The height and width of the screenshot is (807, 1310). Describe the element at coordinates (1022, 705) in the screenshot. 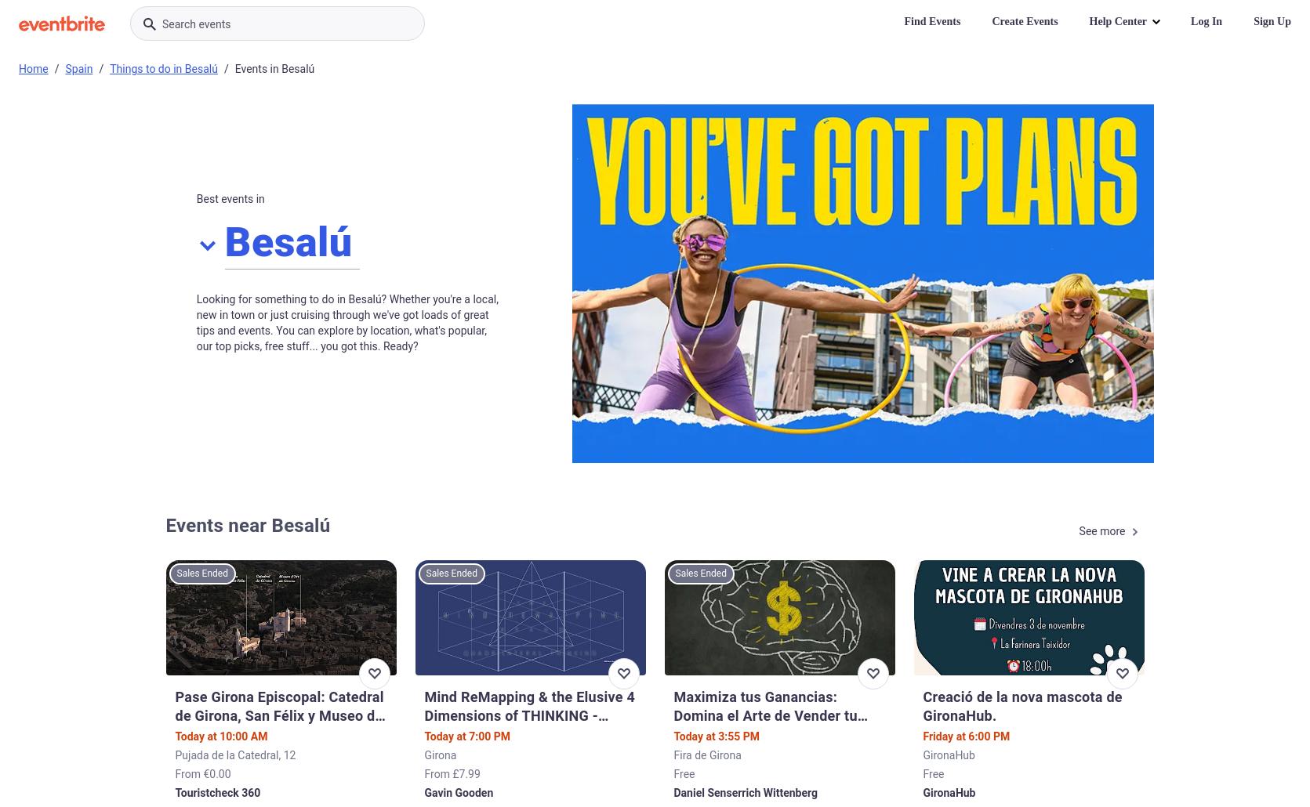

I see `'Creació de la nova mascota de GironaHub.'` at that location.